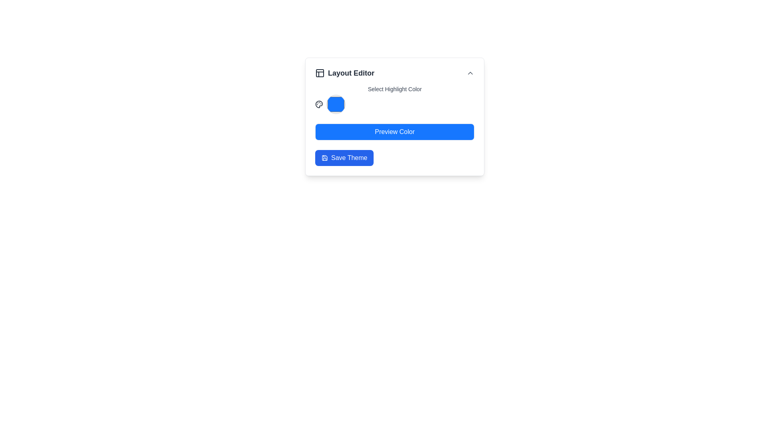  Describe the element at coordinates (320, 73) in the screenshot. I see `the graphical icon representing layout-related content located to the left of the 'Layout Editor' text in the header of the card-like interface` at that location.